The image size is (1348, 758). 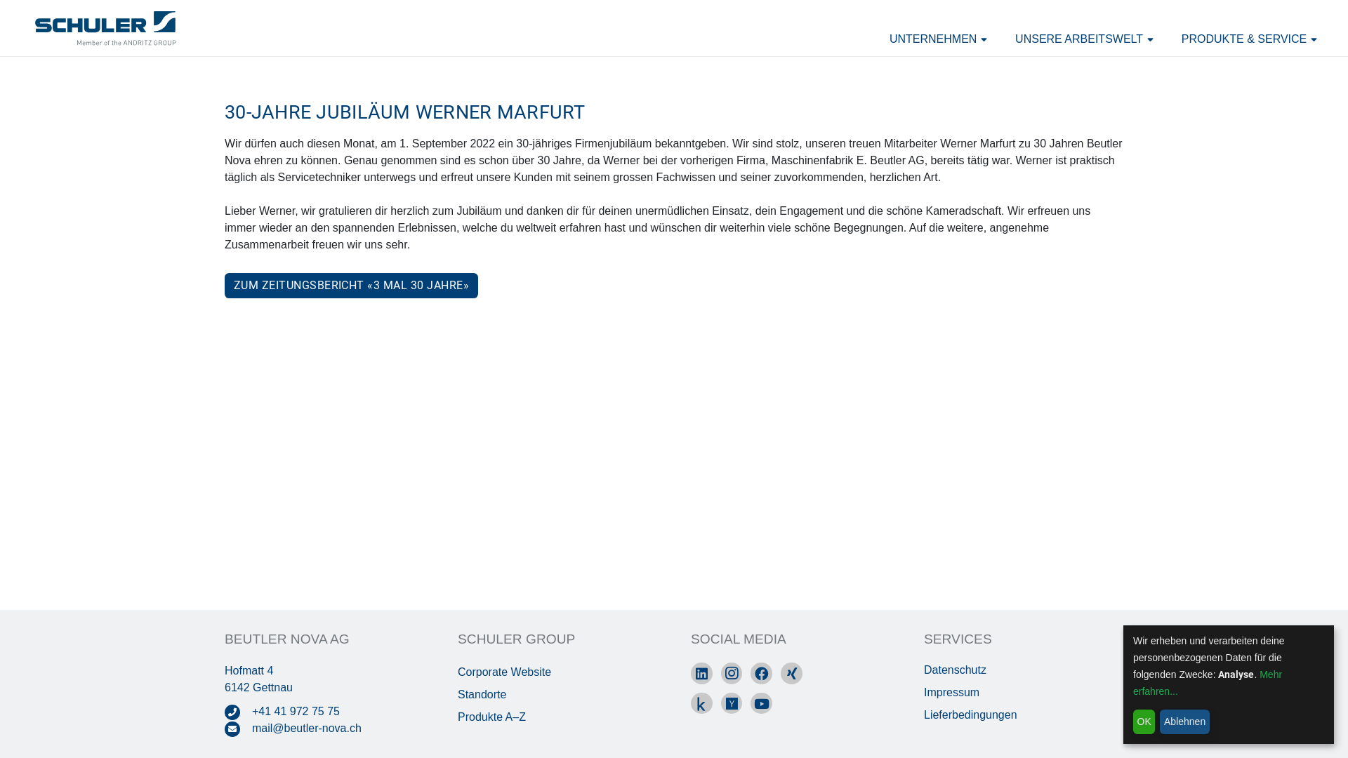 What do you see at coordinates (1167, 39) in the screenshot?
I see `'PRODUKTE & SERVICE'` at bounding box center [1167, 39].